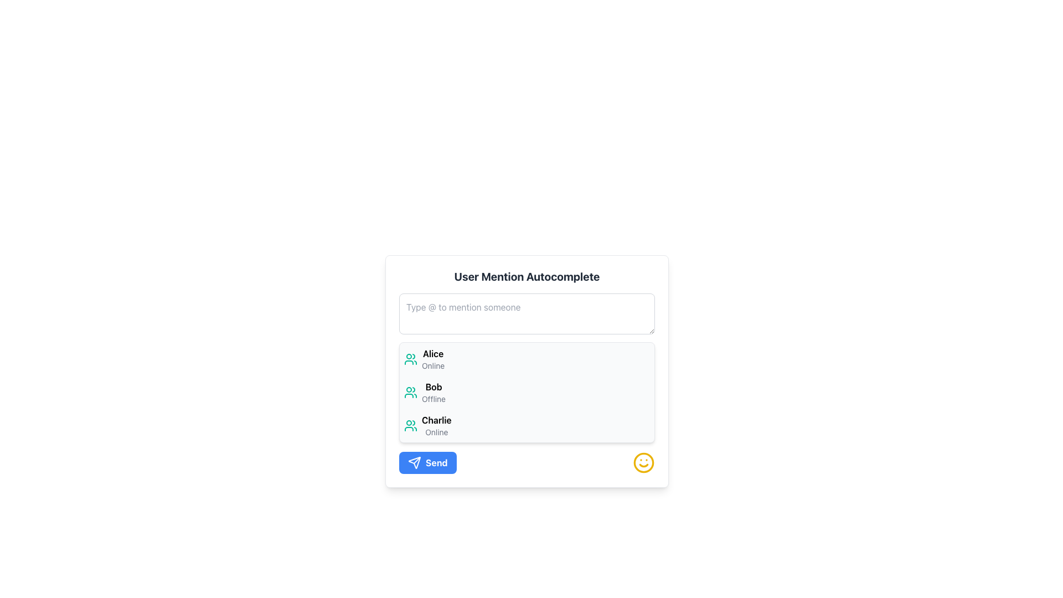  What do you see at coordinates (643, 463) in the screenshot?
I see `the Circle element within the yellow-bordered smiley face icon located in the bottom-right corner of the interface` at bounding box center [643, 463].